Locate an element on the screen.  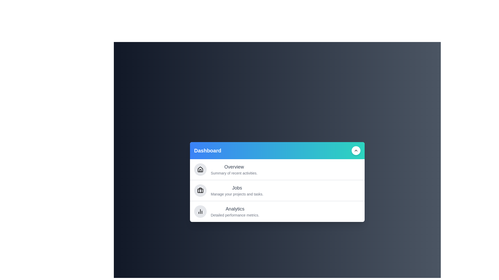
the section Jobs in the dashboard is located at coordinates (277, 190).